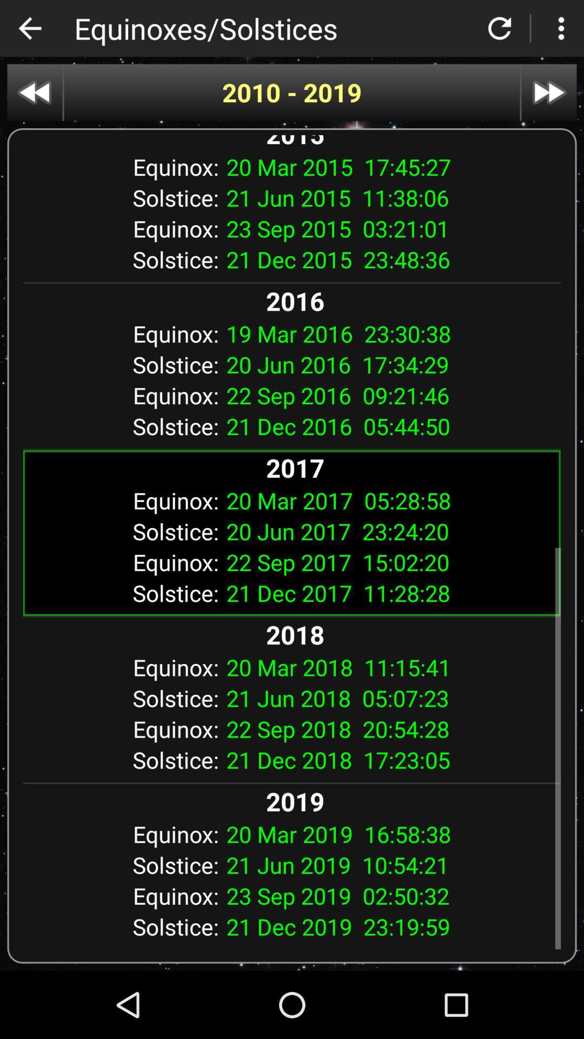 Image resolution: width=584 pixels, height=1039 pixels. What do you see at coordinates (389, 333) in the screenshot?
I see `item next to equinox:` at bounding box center [389, 333].